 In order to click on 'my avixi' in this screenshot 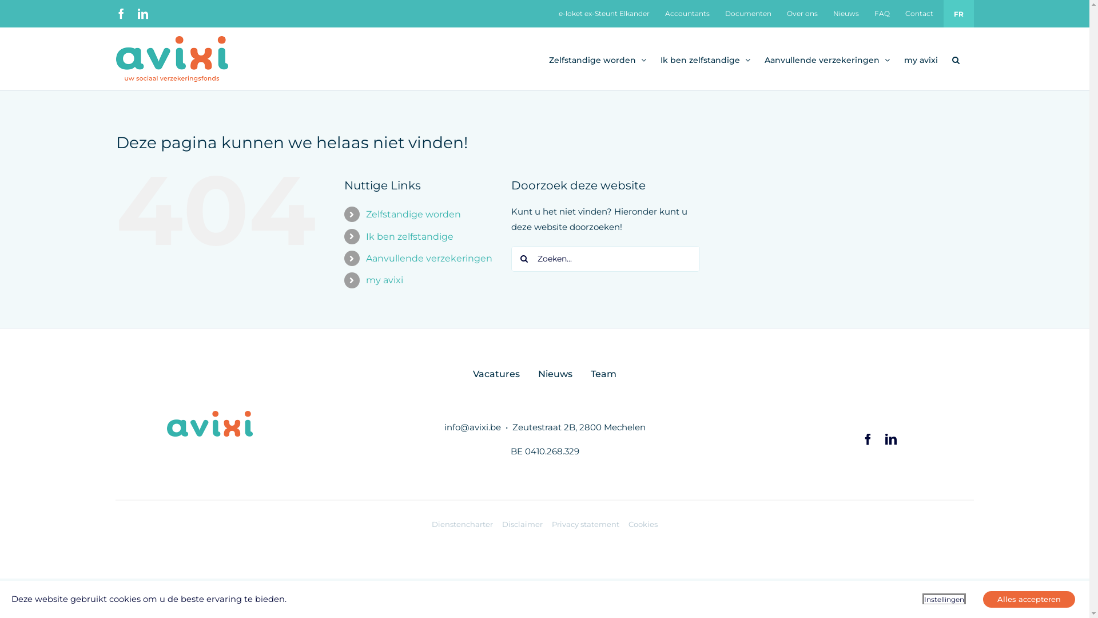, I will do `click(384, 280)`.